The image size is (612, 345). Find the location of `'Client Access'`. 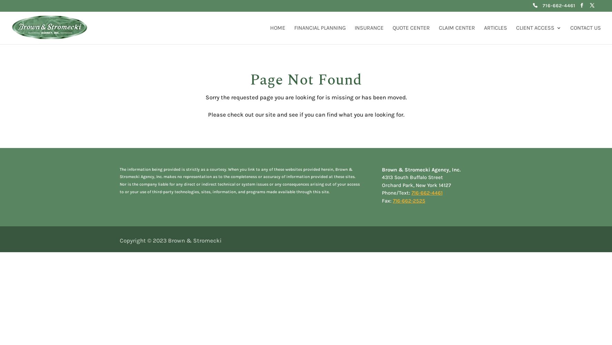

'Client Access' is located at coordinates (535, 27).